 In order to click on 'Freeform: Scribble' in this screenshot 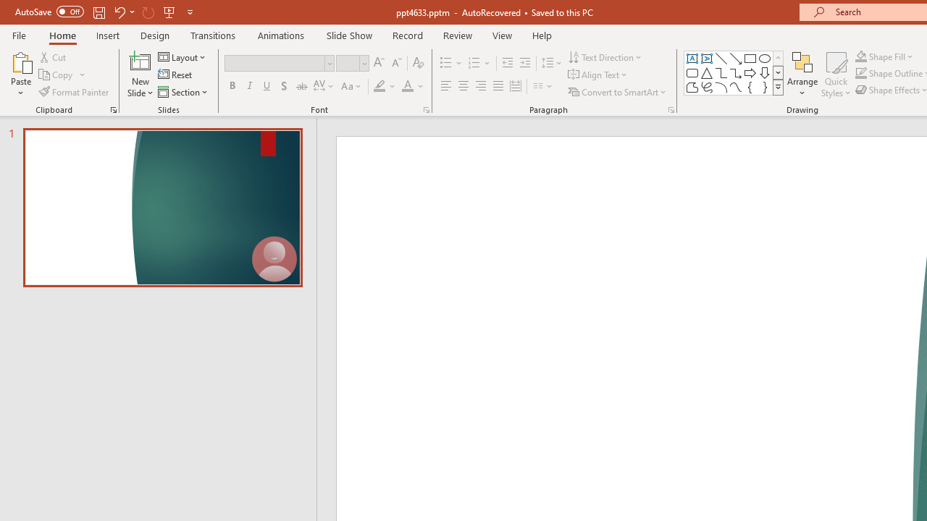, I will do `click(707, 87)`.